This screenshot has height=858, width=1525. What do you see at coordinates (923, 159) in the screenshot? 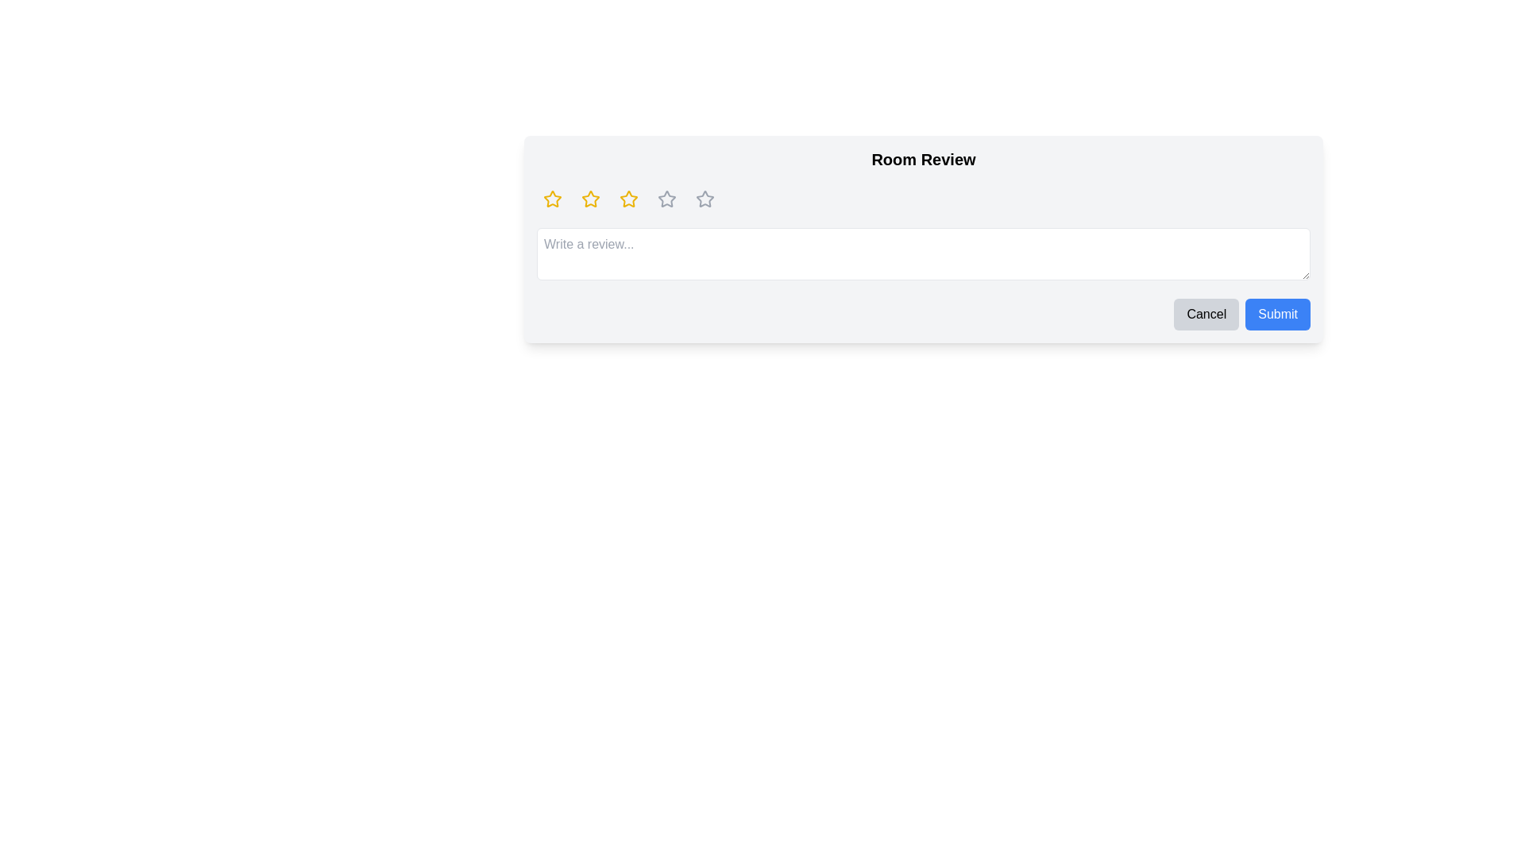
I see `the 'Room Review' text label, which is styled in bold and larger font, located at the top of a card-like section above a row of star icons` at bounding box center [923, 159].